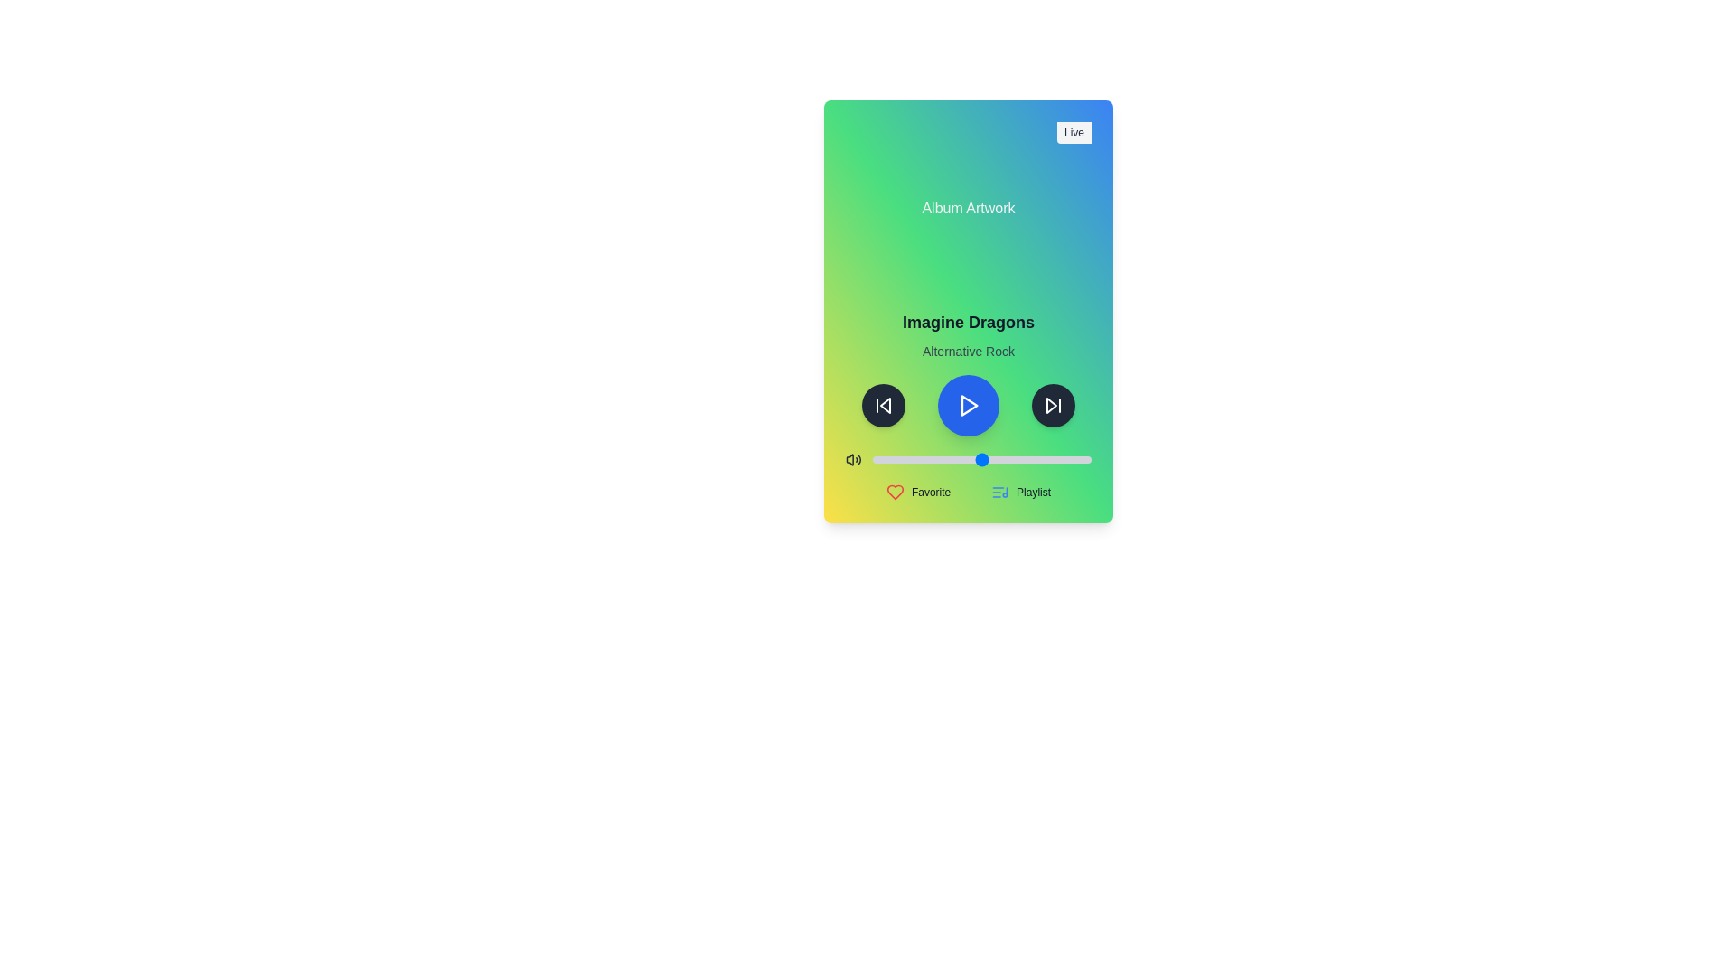 The image size is (1735, 976). I want to click on the circular blue play button located at the center of the media control interface for keyboard interaction, so click(967, 404).